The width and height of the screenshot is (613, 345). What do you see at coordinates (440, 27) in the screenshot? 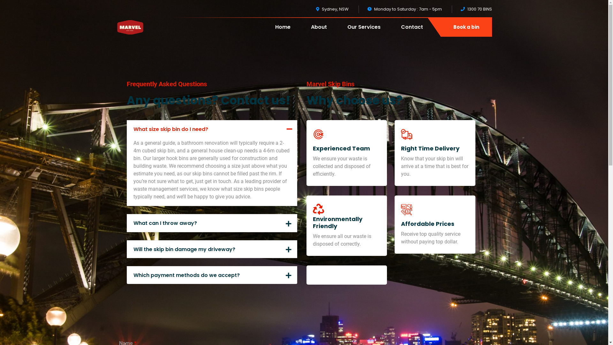
I see `'Book a bin'` at bounding box center [440, 27].